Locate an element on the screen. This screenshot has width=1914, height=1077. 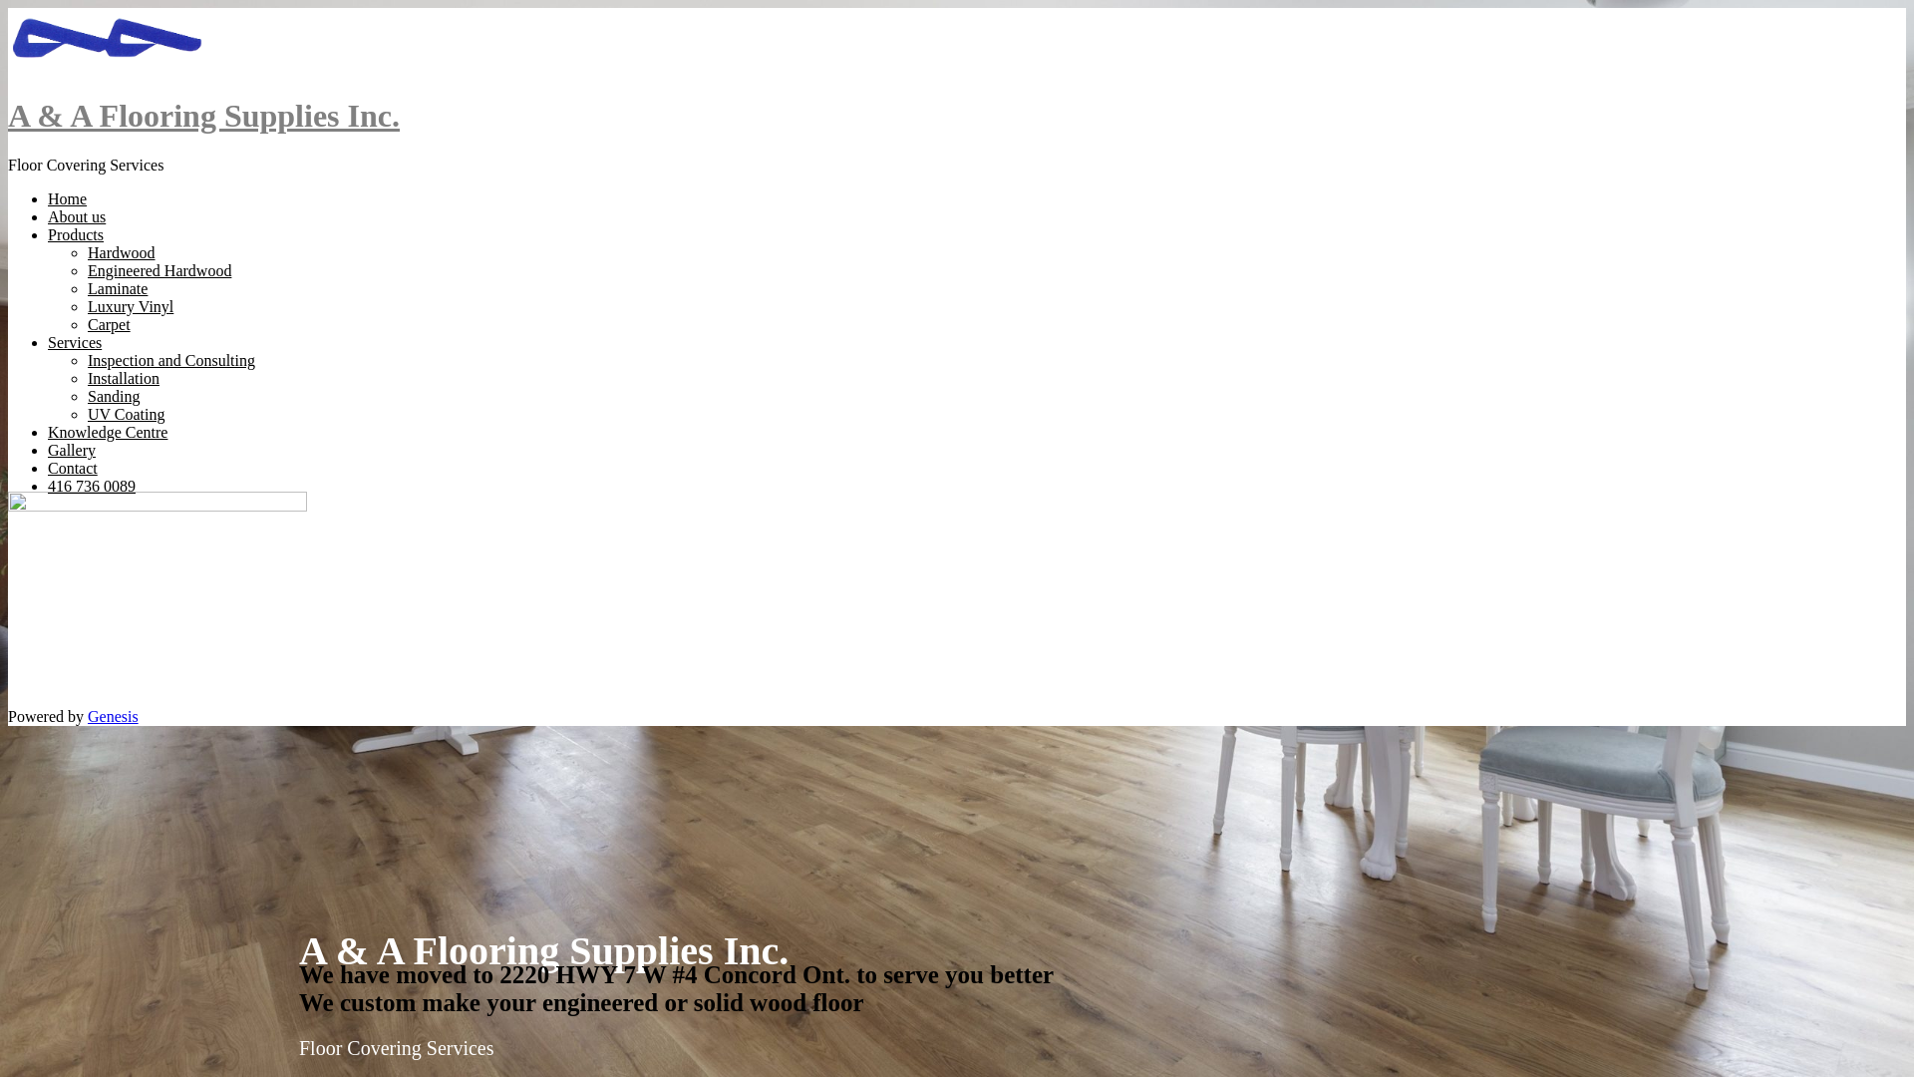
'Gallery' is located at coordinates (48, 450).